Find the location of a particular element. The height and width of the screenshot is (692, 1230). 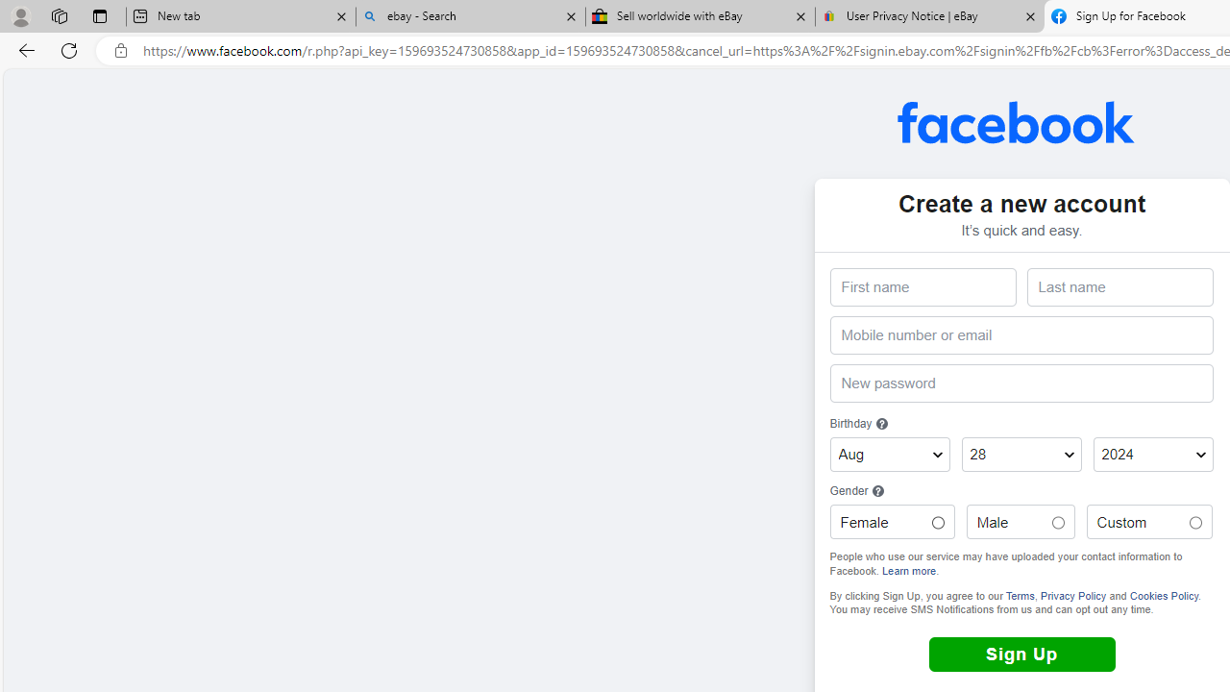

'Cookies Policy' is located at coordinates (1163, 594).